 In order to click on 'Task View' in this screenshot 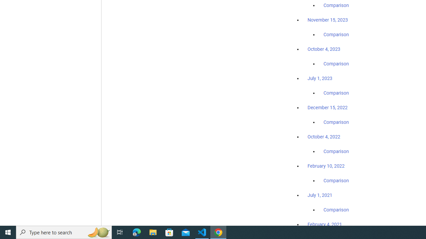, I will do `click(119, 232)`.